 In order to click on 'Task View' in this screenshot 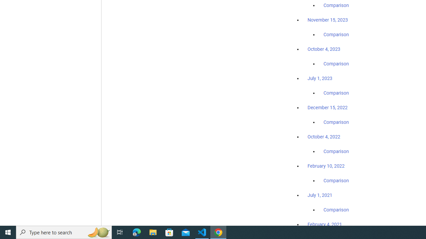, I will do `click(119, 232)`.